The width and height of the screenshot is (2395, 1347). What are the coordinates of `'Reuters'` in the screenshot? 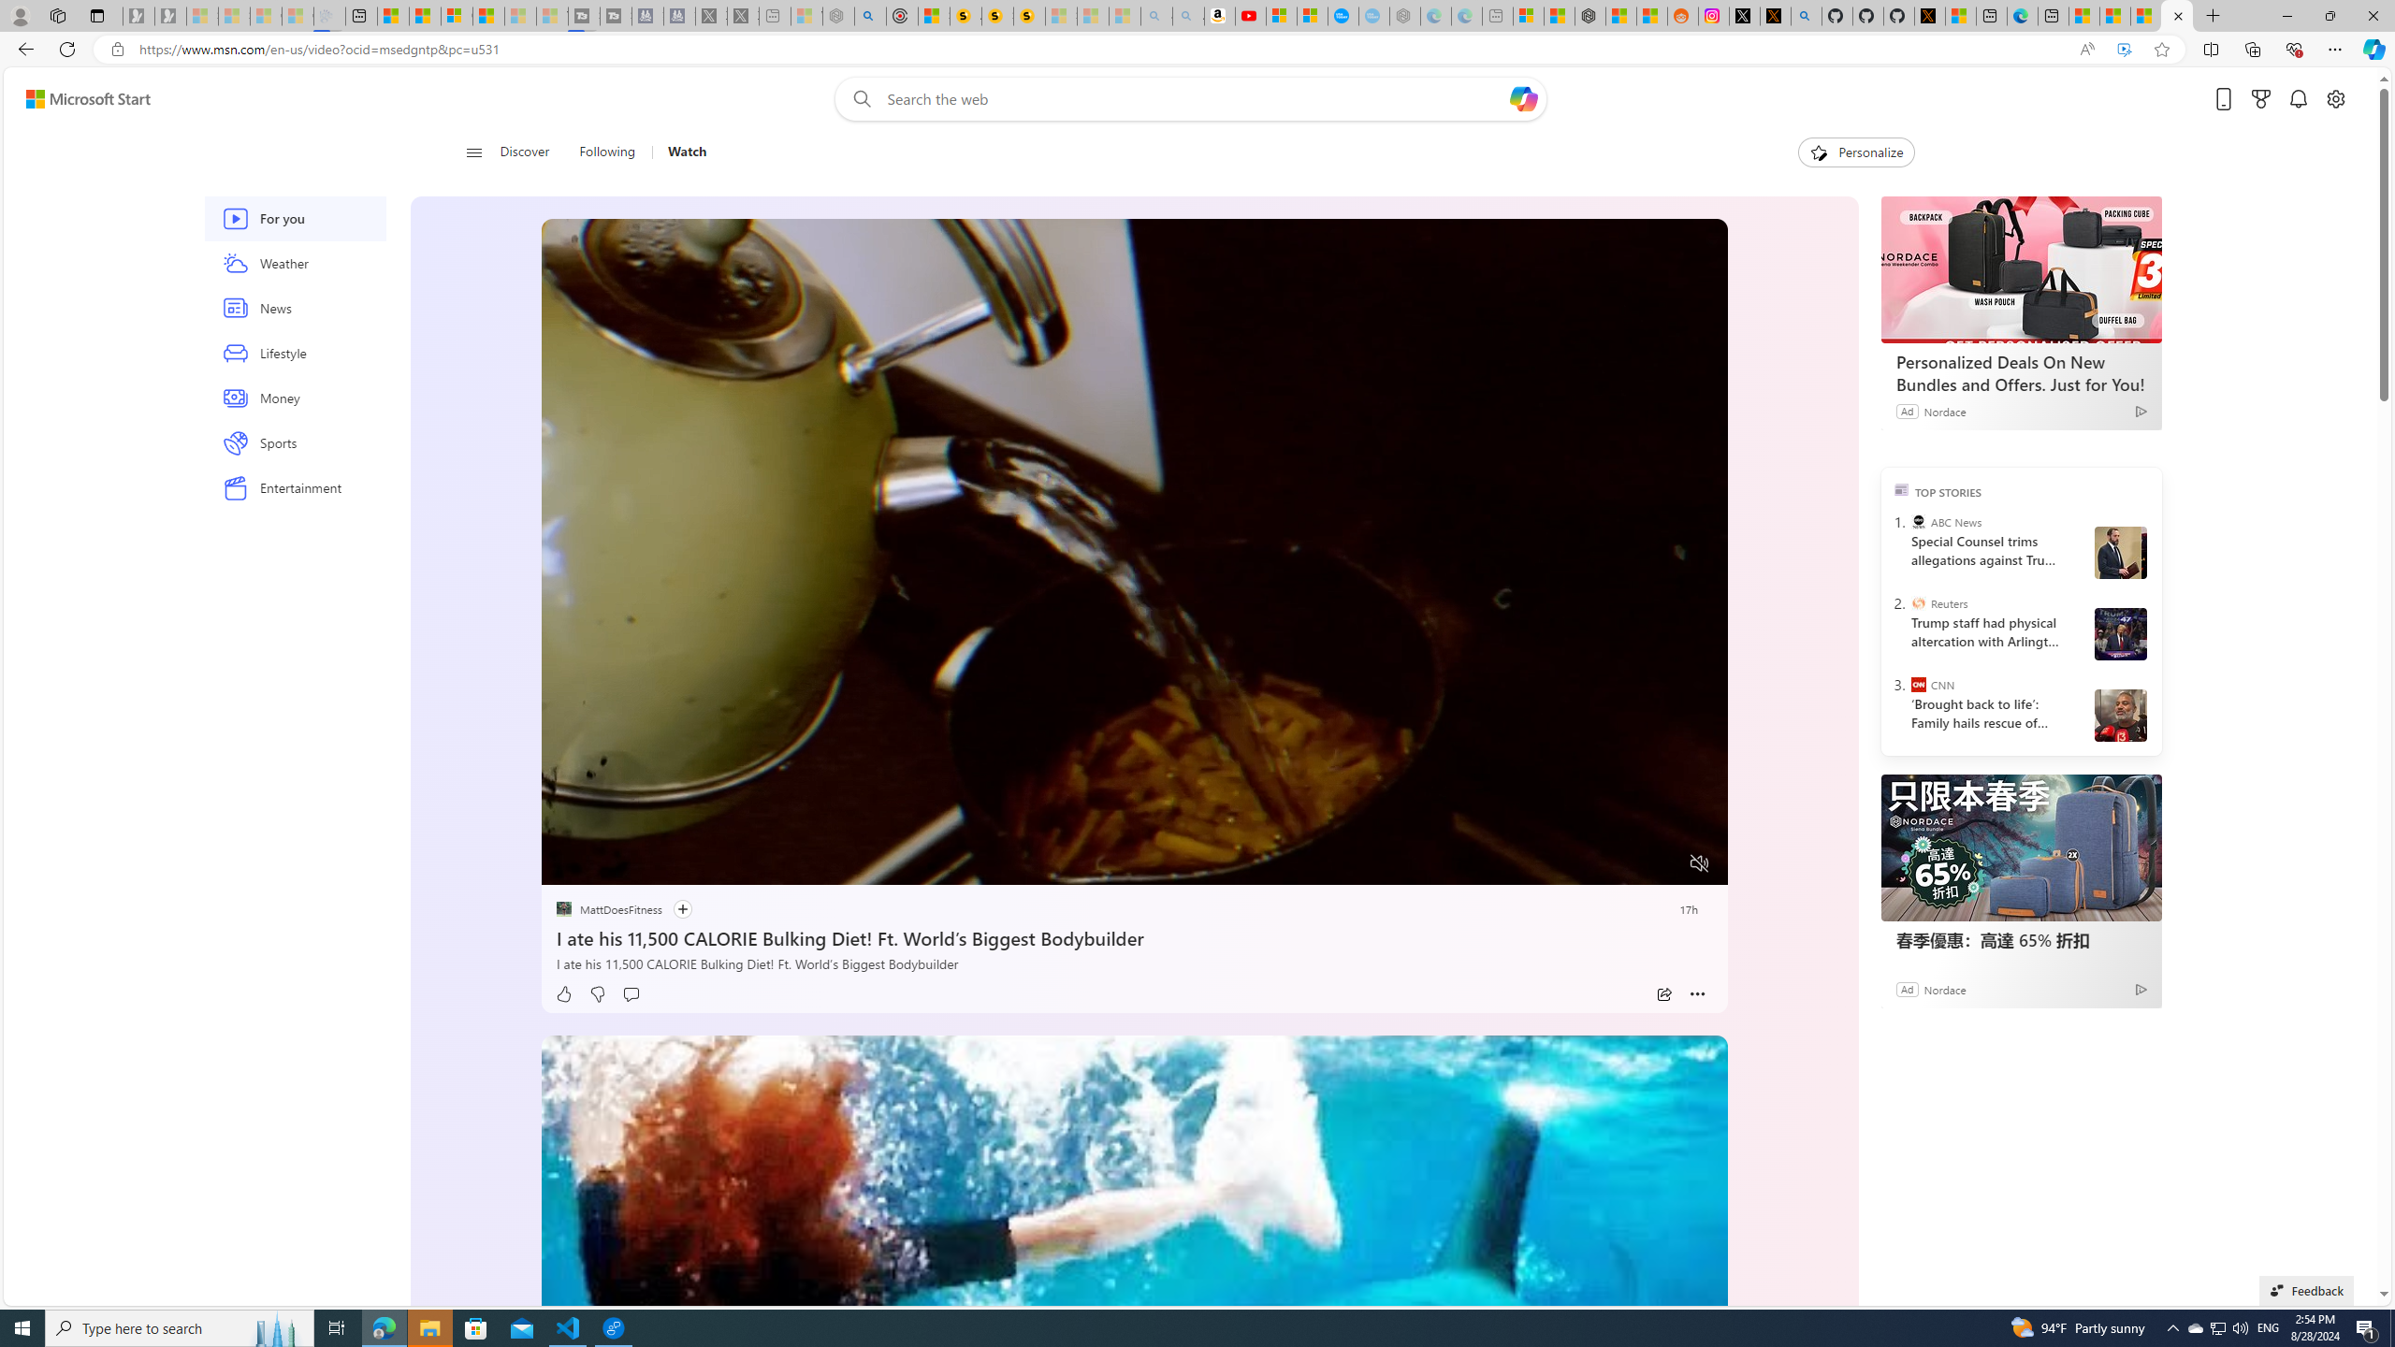 It's located at (1918, 601).